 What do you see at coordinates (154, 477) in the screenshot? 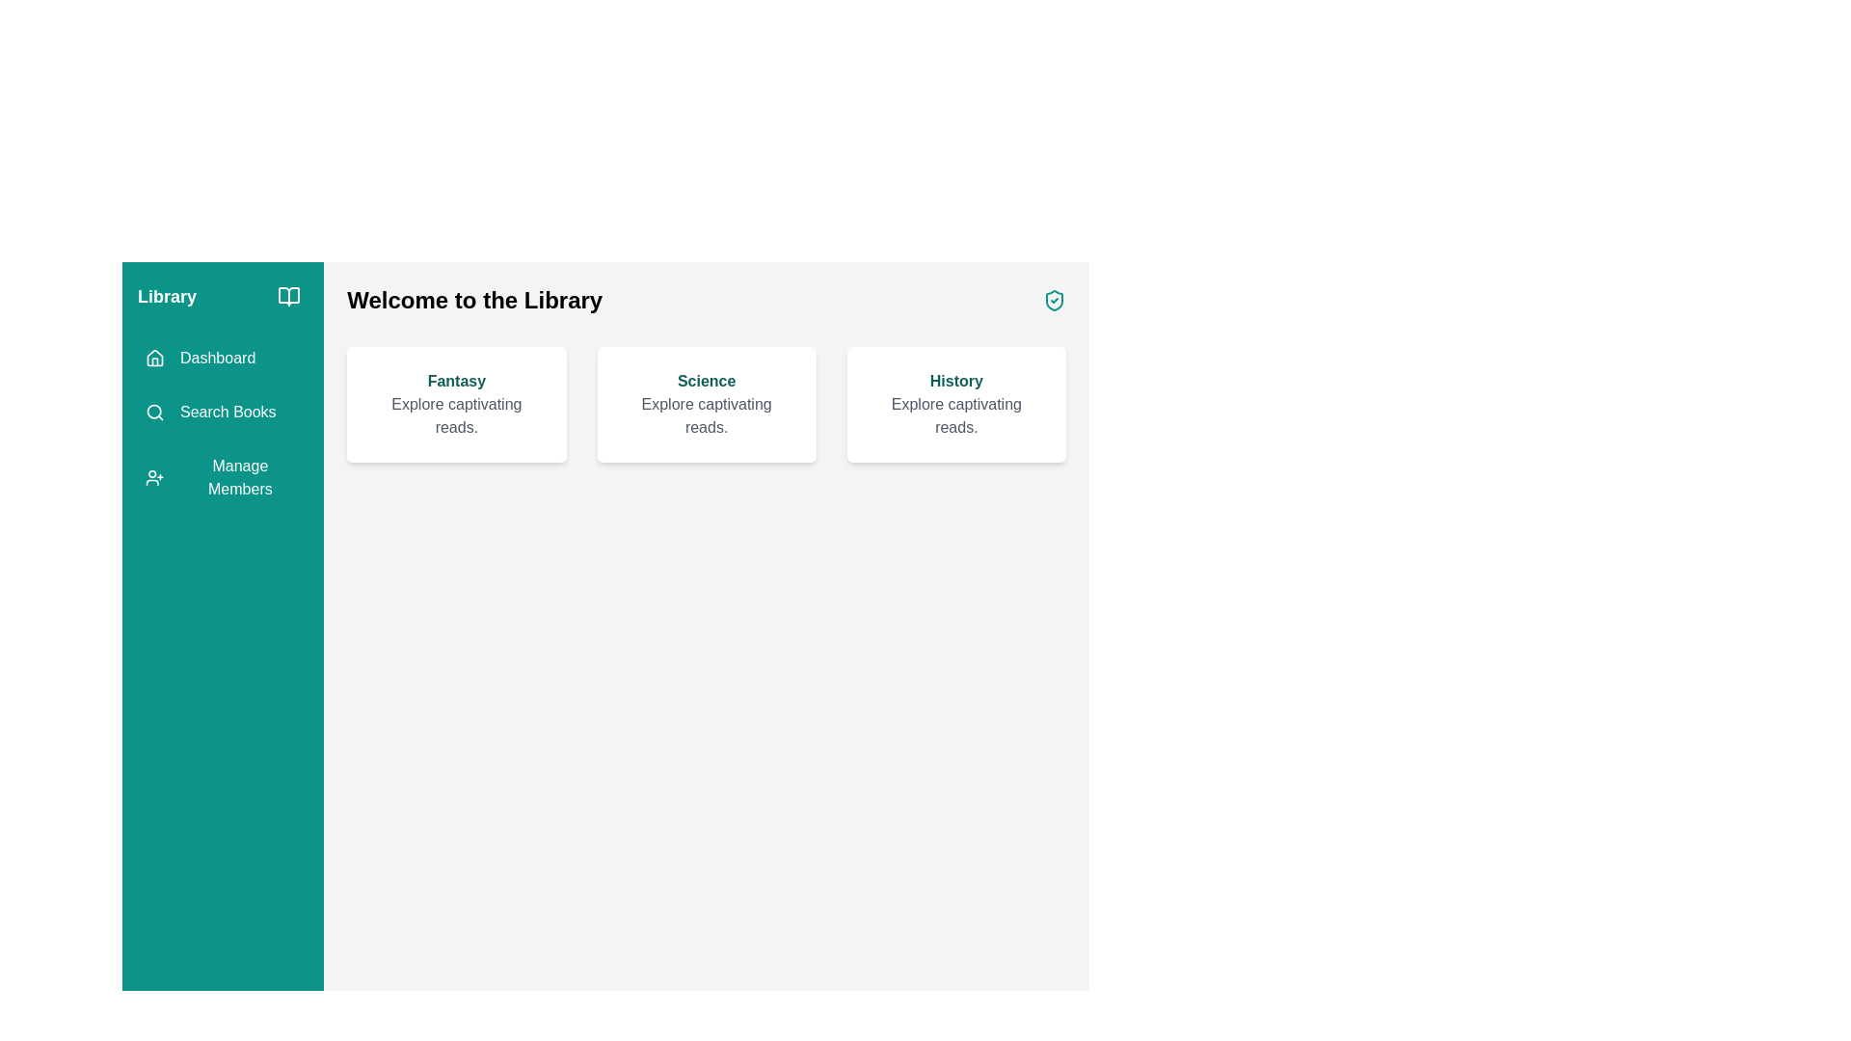
I see `the 'Add User' icon located` at bounding box center [154, 477].